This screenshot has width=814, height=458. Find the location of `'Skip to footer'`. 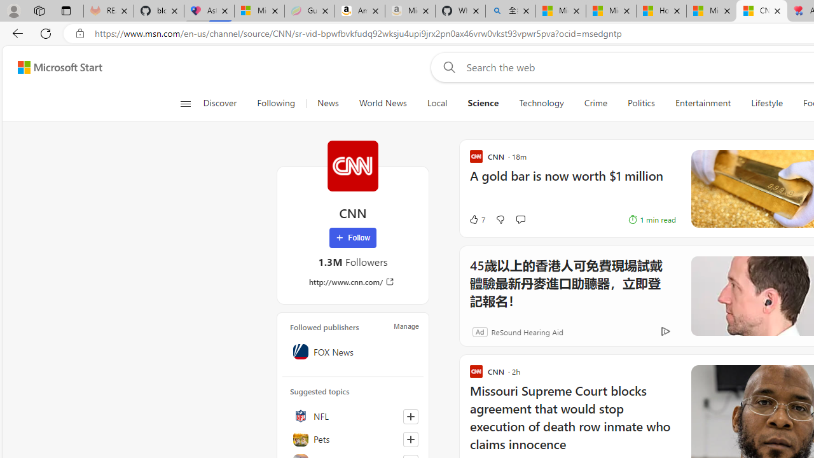

'Skip to footer' is located at coordinates (52, 67).